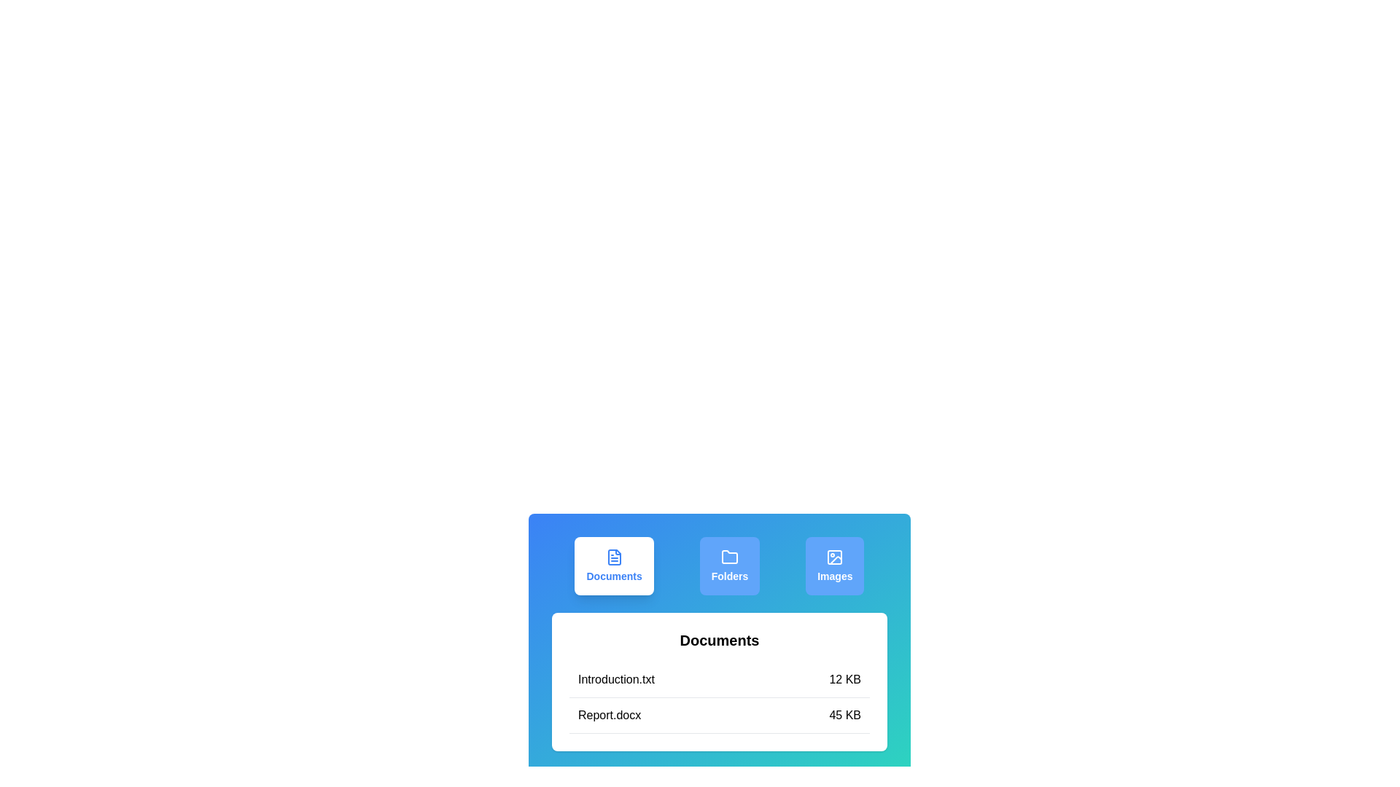 The image size is (1400, 787). Describe the element at coordinates (720, 565) in the screenshot. I see `the 'Folders' button in the horizontal menu` at that location.